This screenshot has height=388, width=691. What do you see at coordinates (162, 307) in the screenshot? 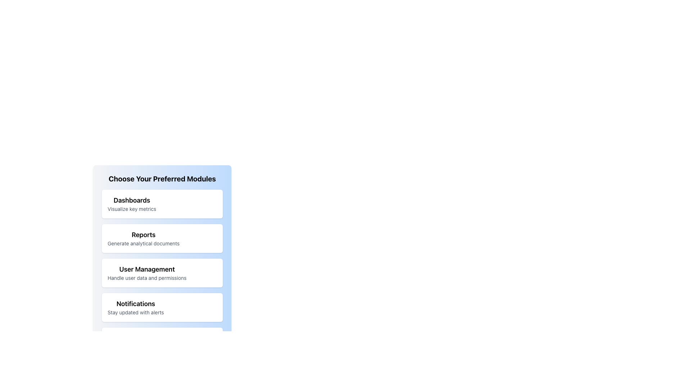
I see `the notification module card located below the 'User Management' card and above the 'Integrations' card in the 'Choose Your Preferred Modules' section` at bounding box center [162, 307].